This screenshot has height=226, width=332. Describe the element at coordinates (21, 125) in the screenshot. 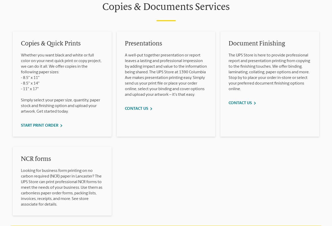

I see `'Start Print Order'` at that location.